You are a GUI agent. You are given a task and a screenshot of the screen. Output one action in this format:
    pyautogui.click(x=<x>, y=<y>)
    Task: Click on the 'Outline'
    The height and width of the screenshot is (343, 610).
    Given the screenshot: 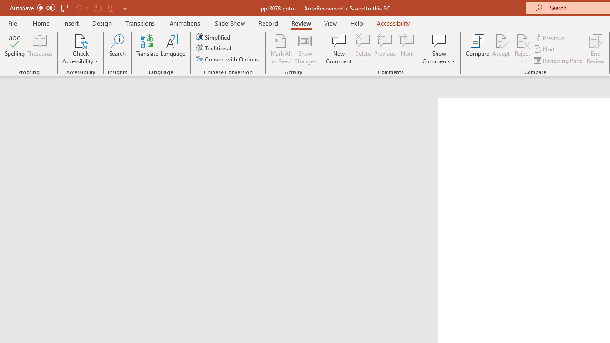 What is the action you would take?
    pyautogui.click(x=212, y=96)
    